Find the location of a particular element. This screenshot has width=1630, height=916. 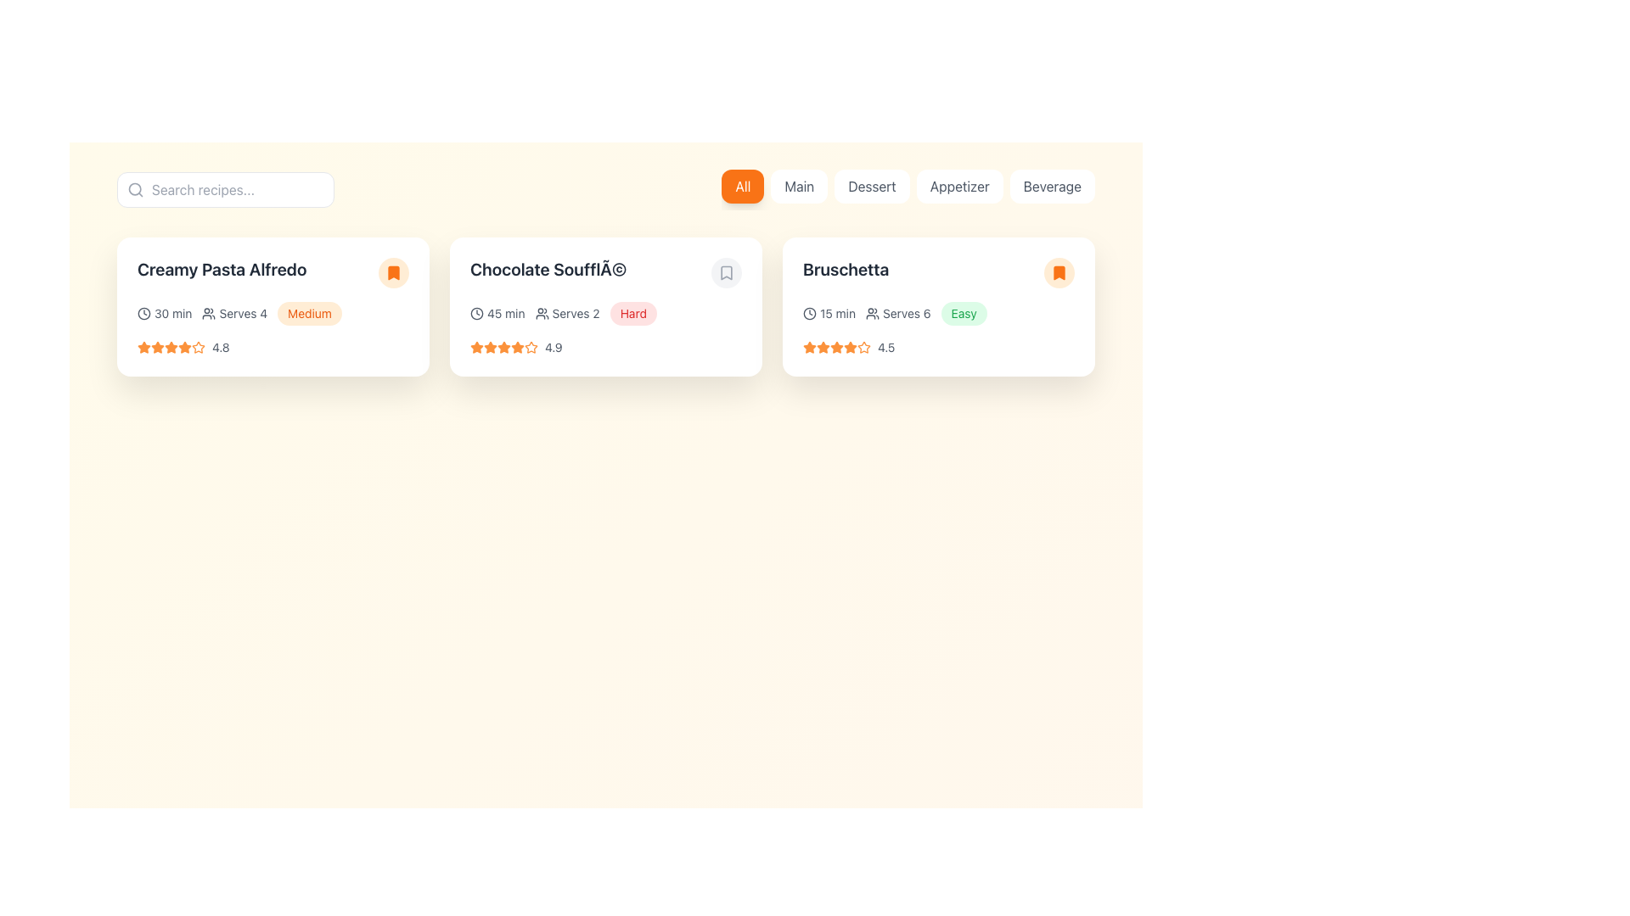

the third star icon representing the rating for the 'Chocolate Soufflé' recipe card, which is visually filled in orange and indicates a rating of 4.9 is located at coordinates (489, 346).